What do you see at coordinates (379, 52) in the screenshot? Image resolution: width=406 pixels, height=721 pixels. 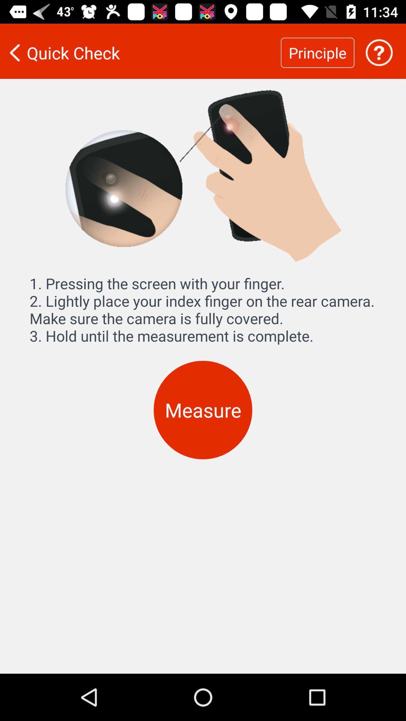 I see `click the questtion mark` at bounding box center [379, 52].